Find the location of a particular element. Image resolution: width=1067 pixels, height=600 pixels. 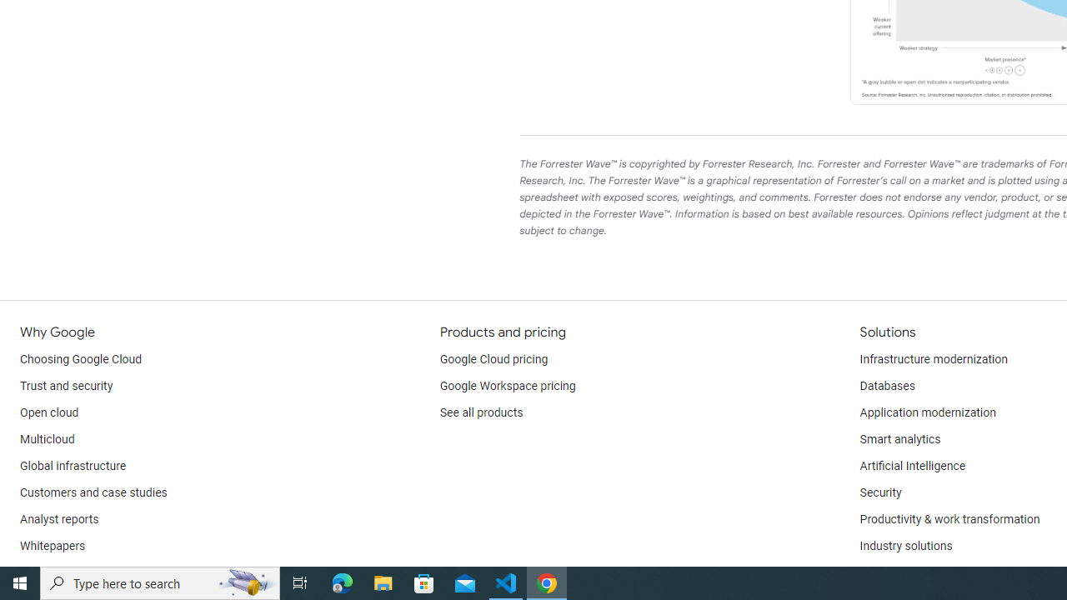

'Analyst reports' is located at coordinates (59, 518).